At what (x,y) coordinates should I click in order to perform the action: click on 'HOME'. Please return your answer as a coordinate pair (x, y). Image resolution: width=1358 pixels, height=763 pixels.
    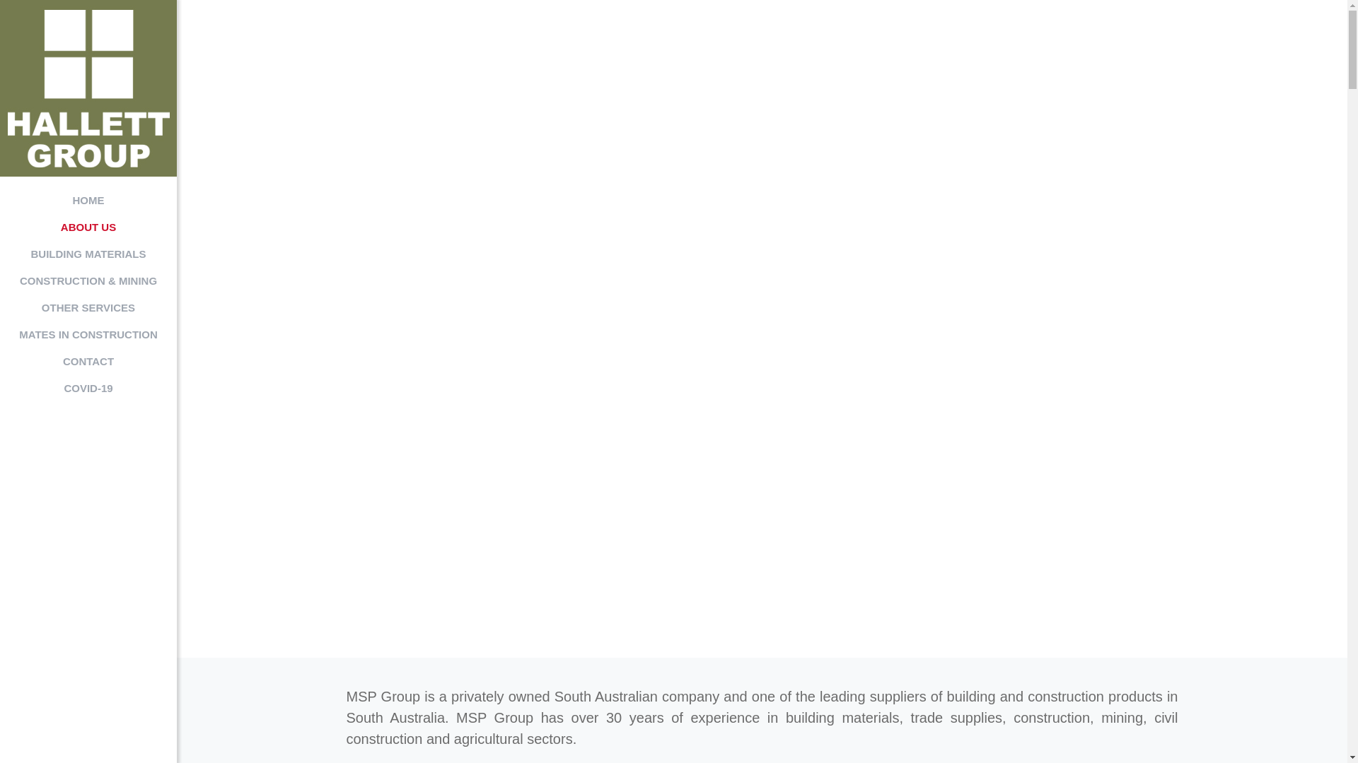
    Looking at the image, I should click on (87, 201).